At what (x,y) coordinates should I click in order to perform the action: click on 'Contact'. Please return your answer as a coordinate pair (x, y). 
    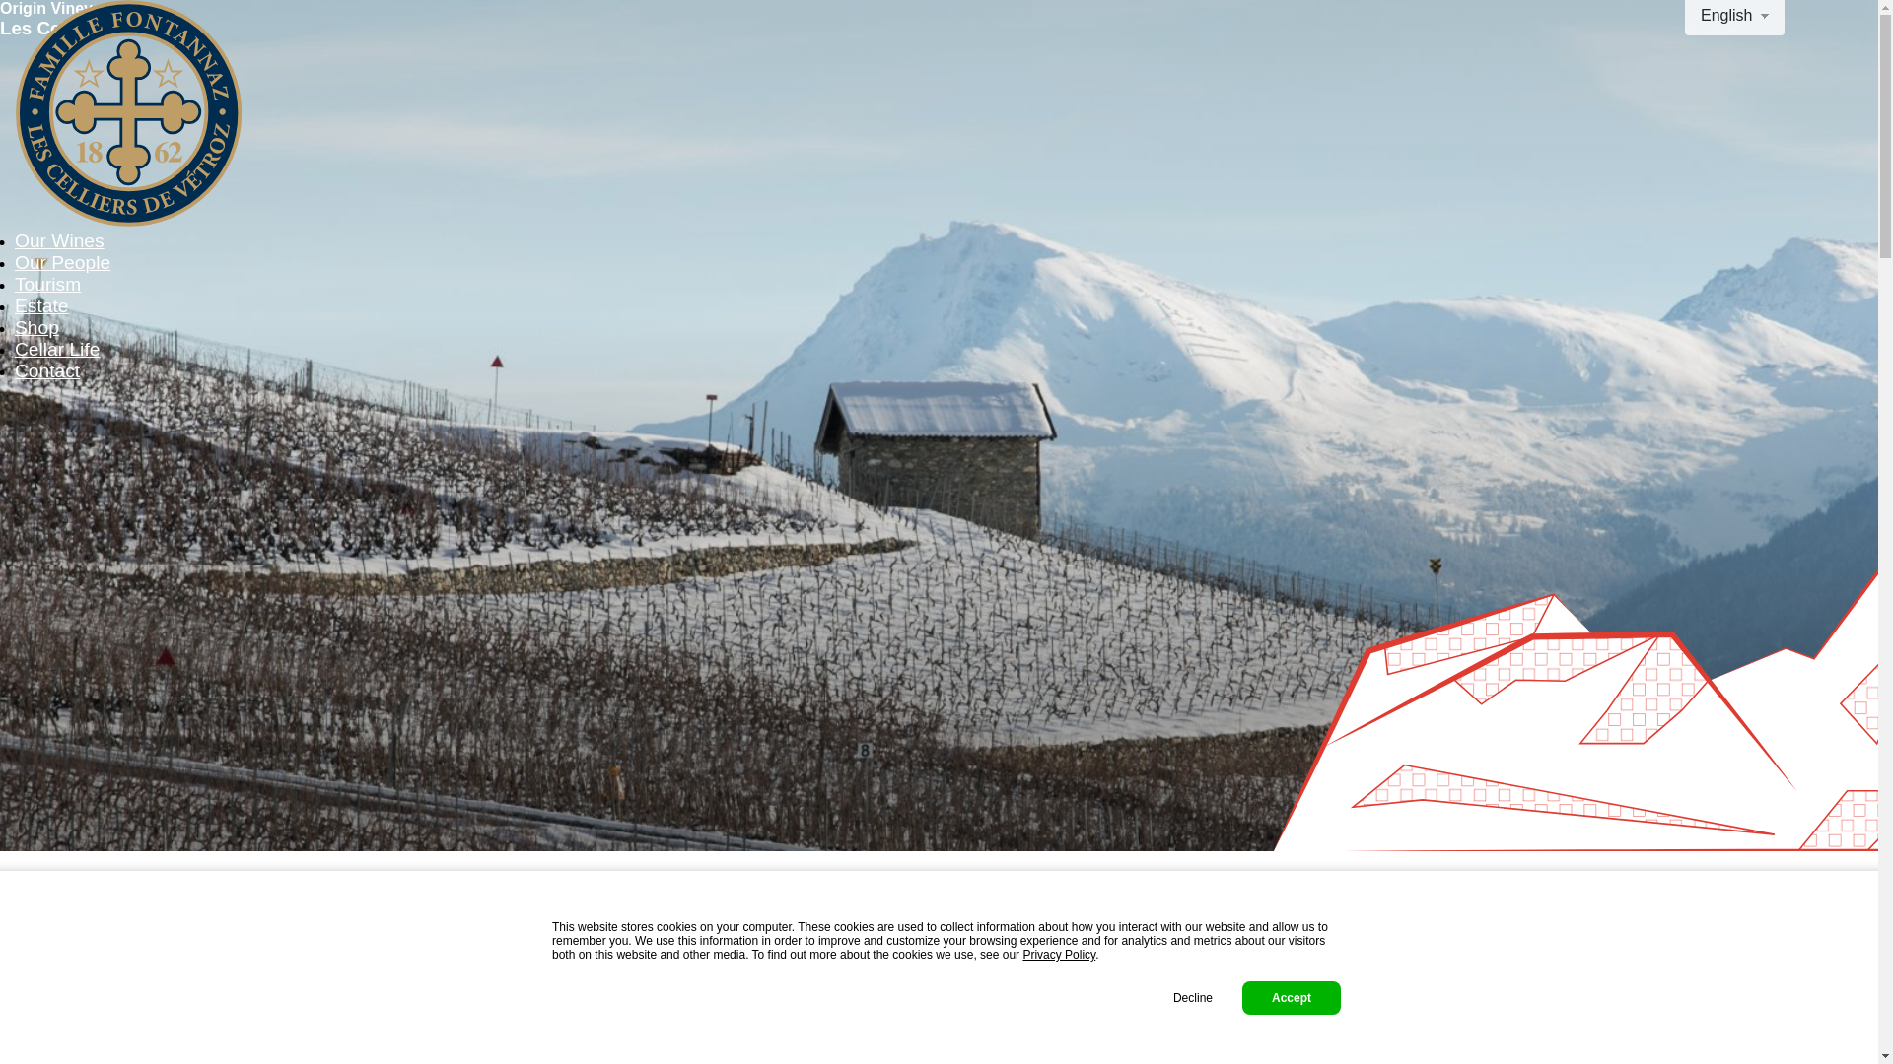
    Looking at the image, I should click on (14, 370).